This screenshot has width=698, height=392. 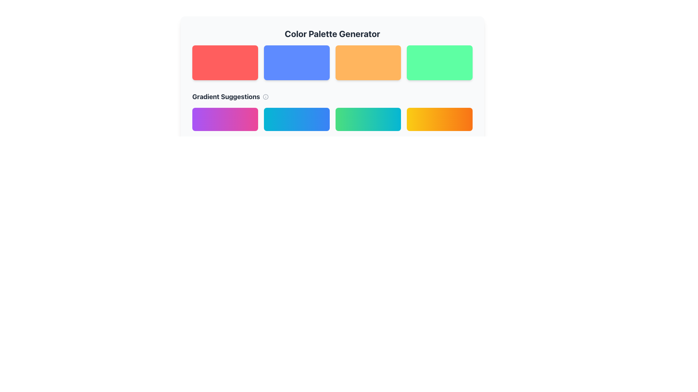 I want to click on the fourth selectable color block in the top row of the color palette, so click(x=439, y=62).